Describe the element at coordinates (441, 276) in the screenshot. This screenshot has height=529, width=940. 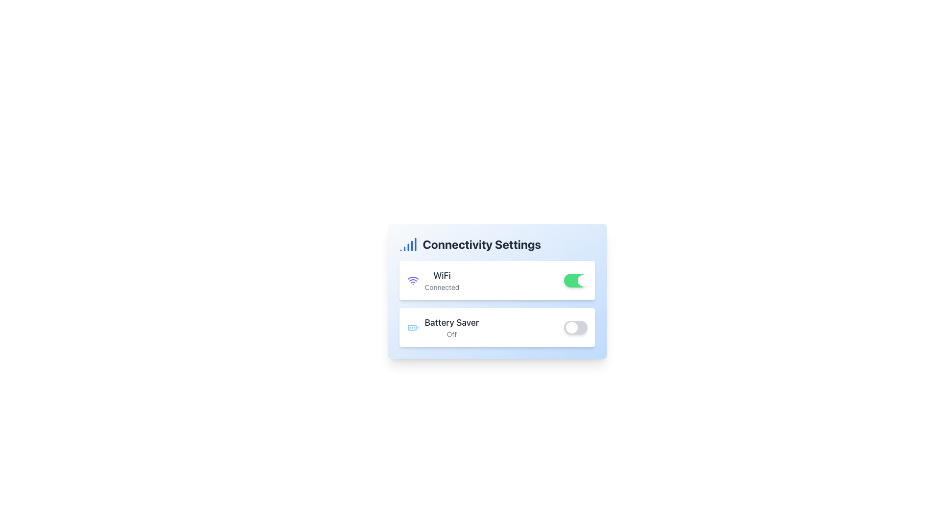
I see `the WiFi connectivity title label located in the upper-left section of the card, which is aligned with a WiFi icon and above the 'Connected' label` at that location.